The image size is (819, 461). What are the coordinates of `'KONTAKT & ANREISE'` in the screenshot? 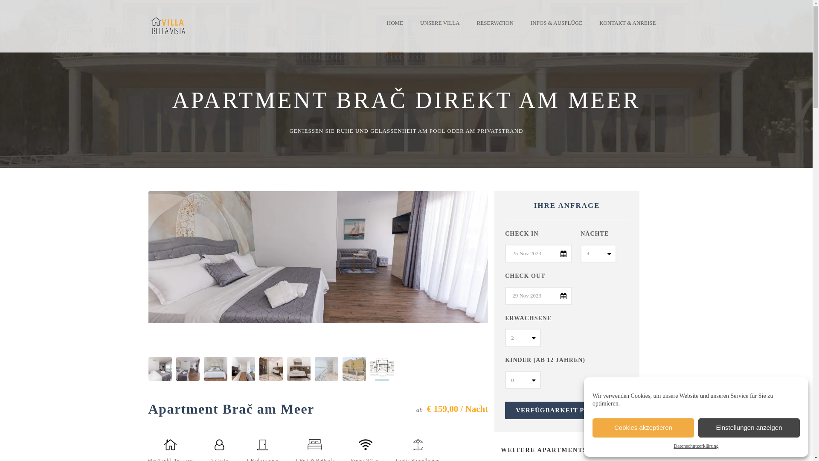 It's located at (590, 29).